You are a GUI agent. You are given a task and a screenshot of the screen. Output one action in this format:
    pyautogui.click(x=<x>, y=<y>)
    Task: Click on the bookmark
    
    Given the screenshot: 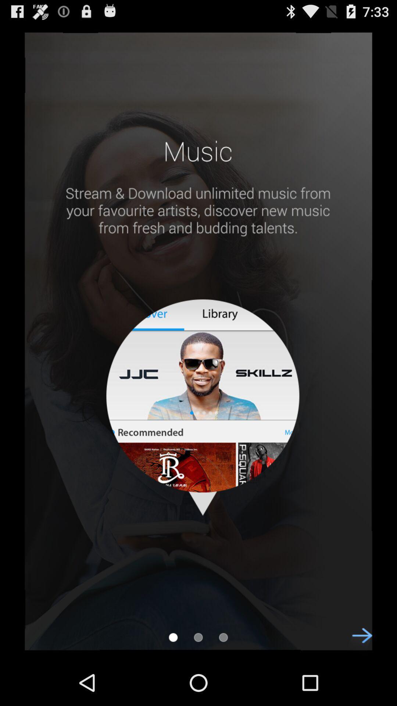 What is the action you would take?
    pyautogui.click(x=173, y=637)
    